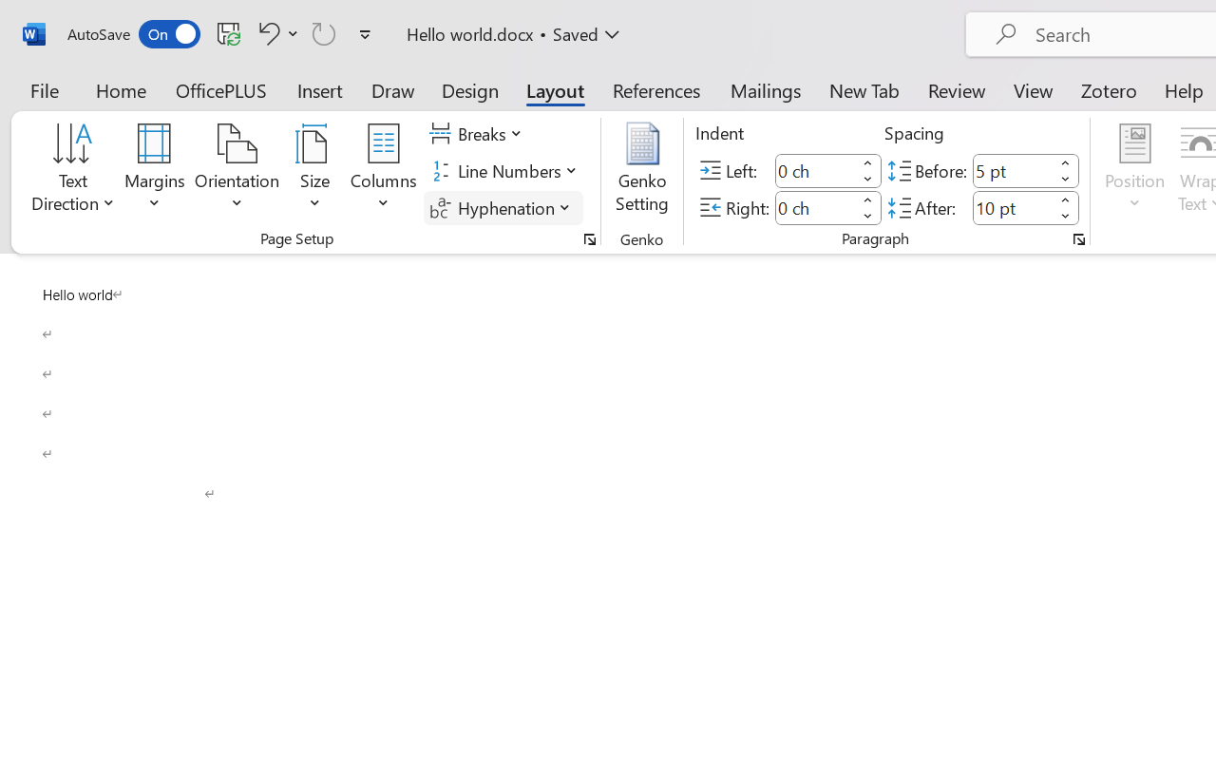  Describe the element at coordinates (589, 238) in the screenshot. I see `'Page Setup...'` at that location.